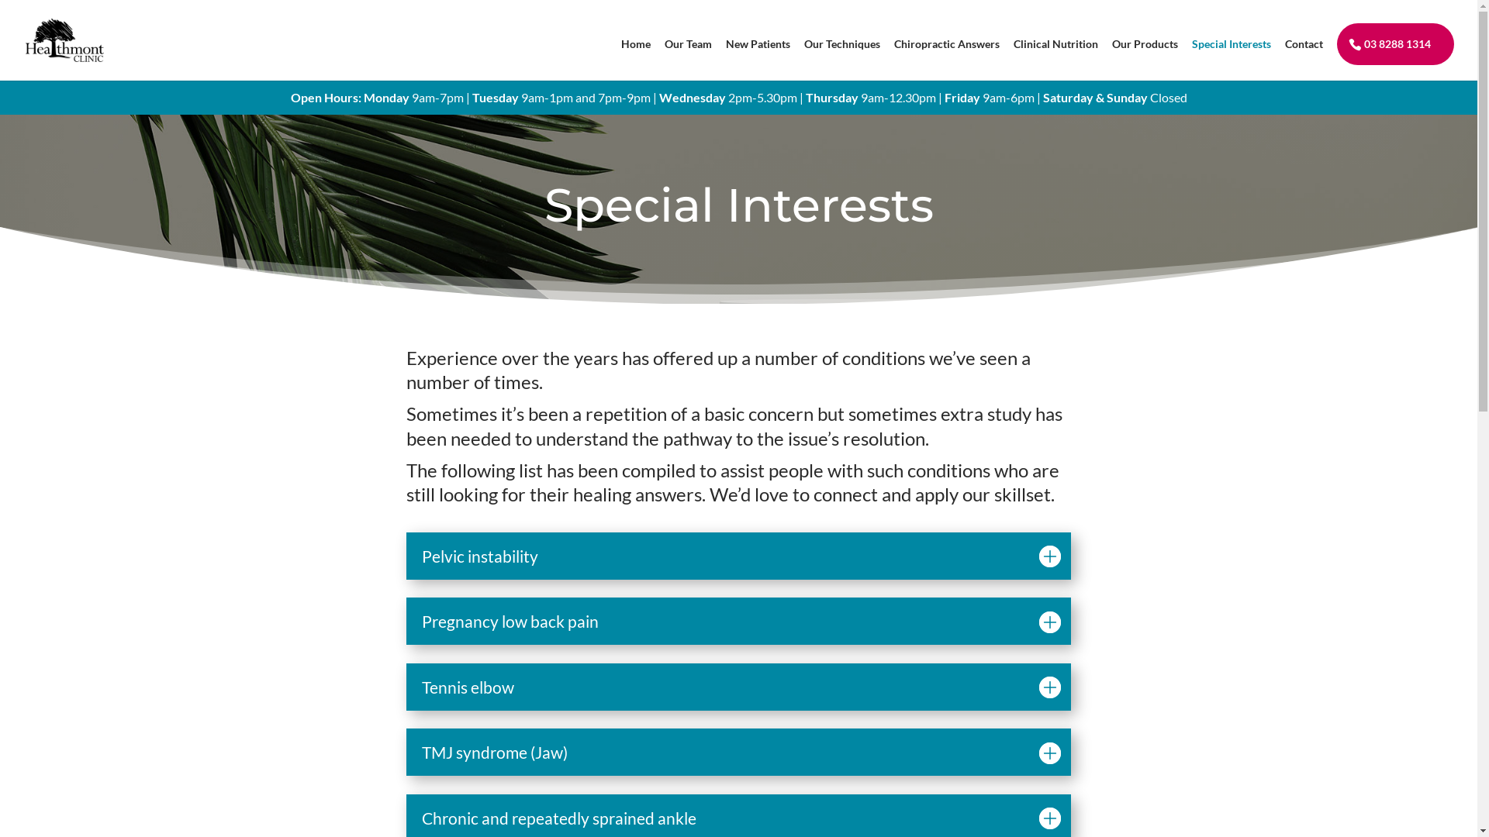 This screenshot has height=837, width=1489. I want to click on 'New Patients', so click(758, 55).